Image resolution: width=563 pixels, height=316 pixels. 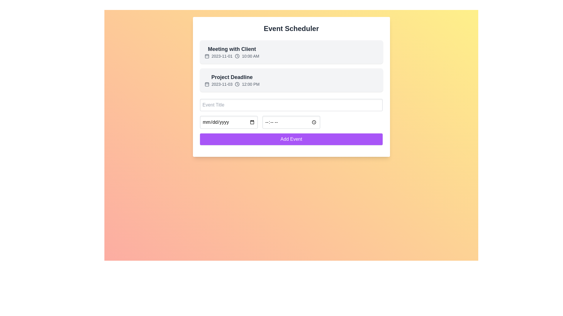 What do you see at coordinates (232, 80) in the screenshot?
I see `information displayed on the Text Label with Icons that shows the deadline for a project, which includes a bold title and descriptive date/time text with relevant icons` at bounding box center [232, 80].